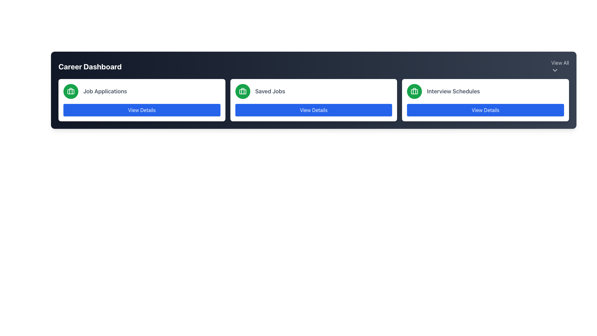 Image resolution: width=597 pixels, height=336 pixels. Describe the element at coordinates (270, 91) in the screenshot. I see `text label that says 'Saved Jobs', which is styled in a weighty bold font and is medium gray in color, positioned to the right of a green circular icon with a white briefcase and above a blue button labeled 'View Details'` at that location.